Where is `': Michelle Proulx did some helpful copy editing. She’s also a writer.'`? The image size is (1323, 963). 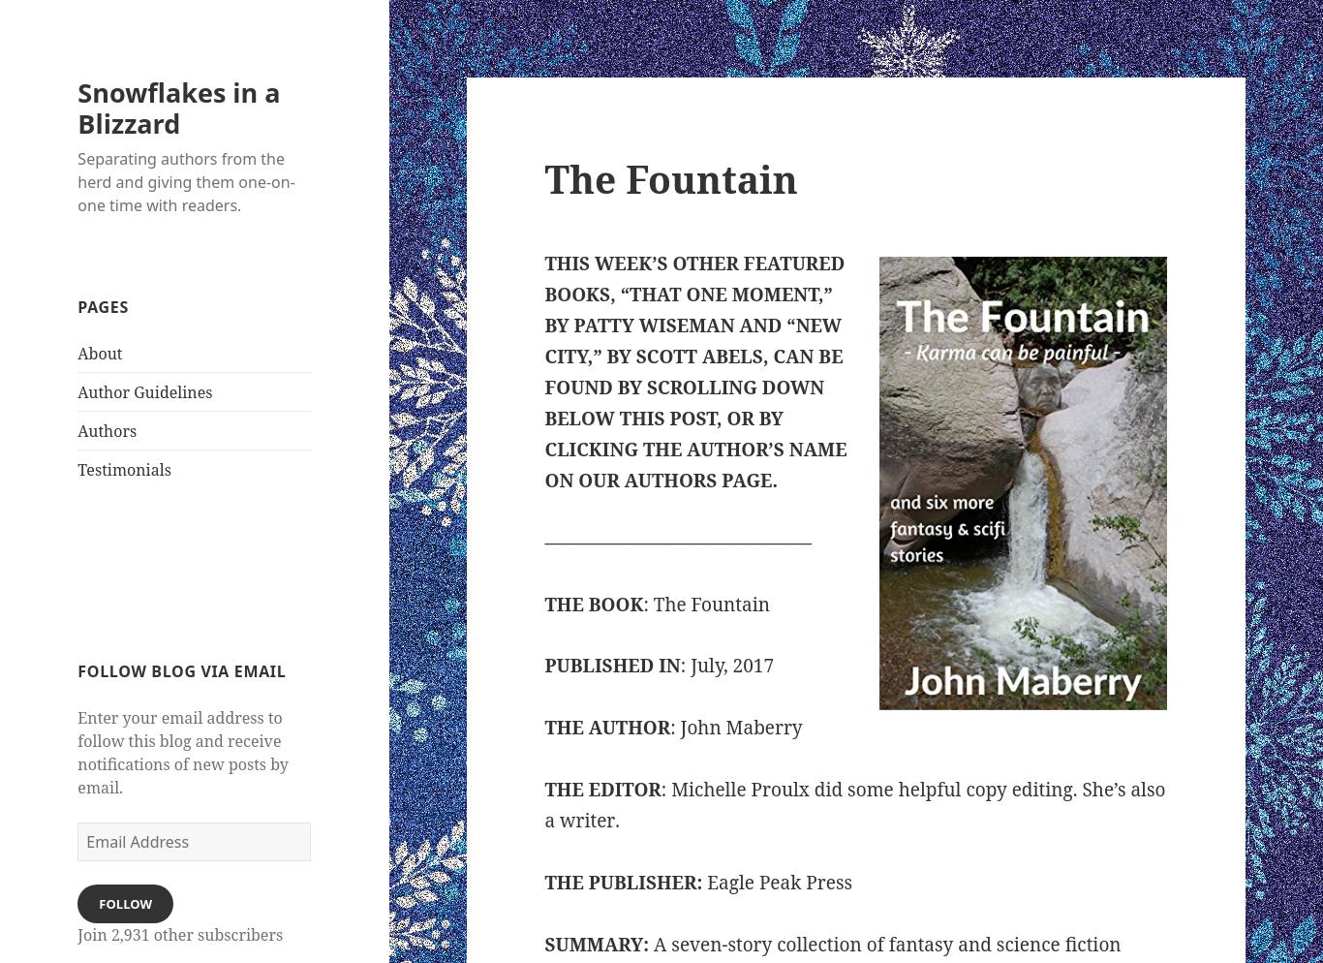
': Michelle Proulx did some helpful copy editing. She’s also a writer.' is located at coordinates (853, 803).